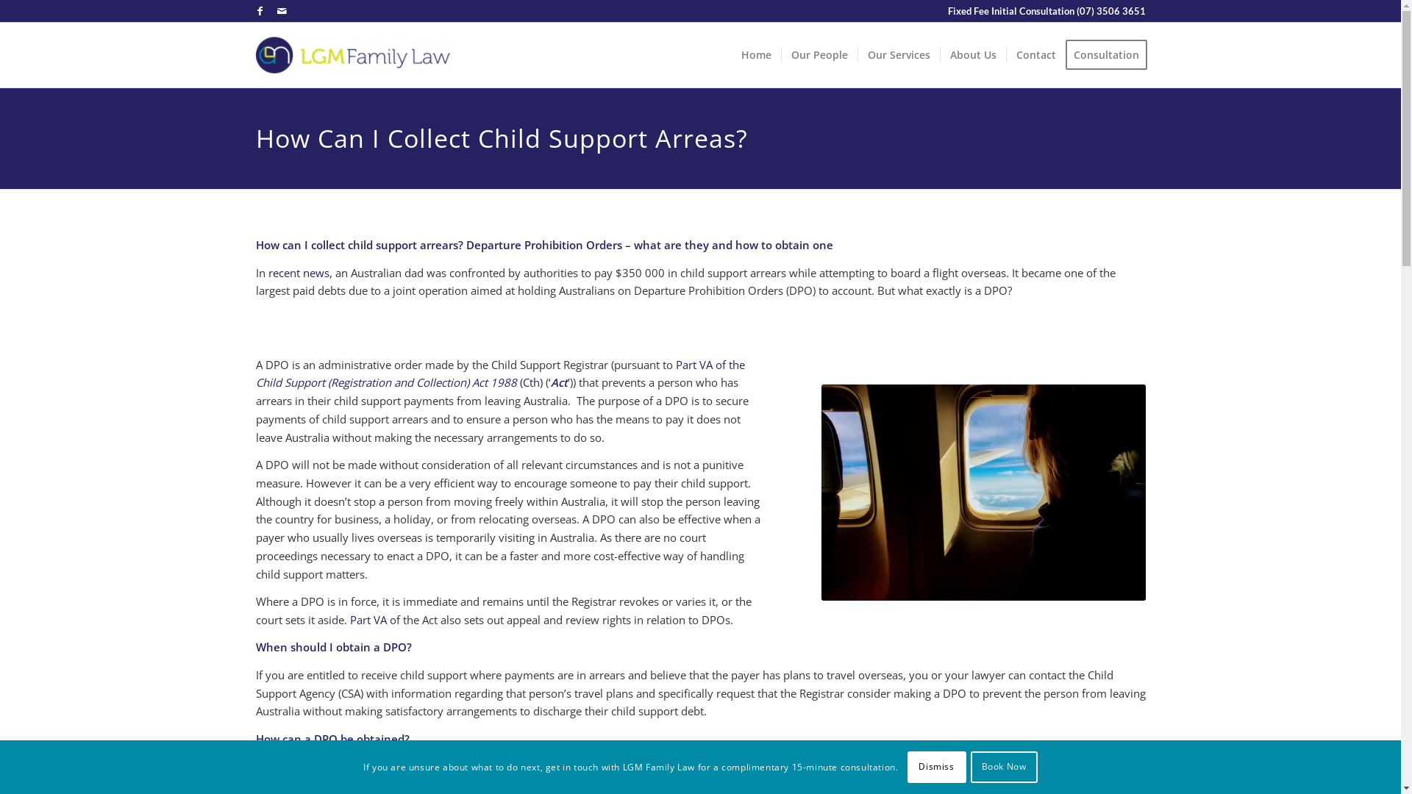  What do you see at coordinates (935, 765) in the screenshot?
I see `'Dismiss'` at bounding box center [935, 765].